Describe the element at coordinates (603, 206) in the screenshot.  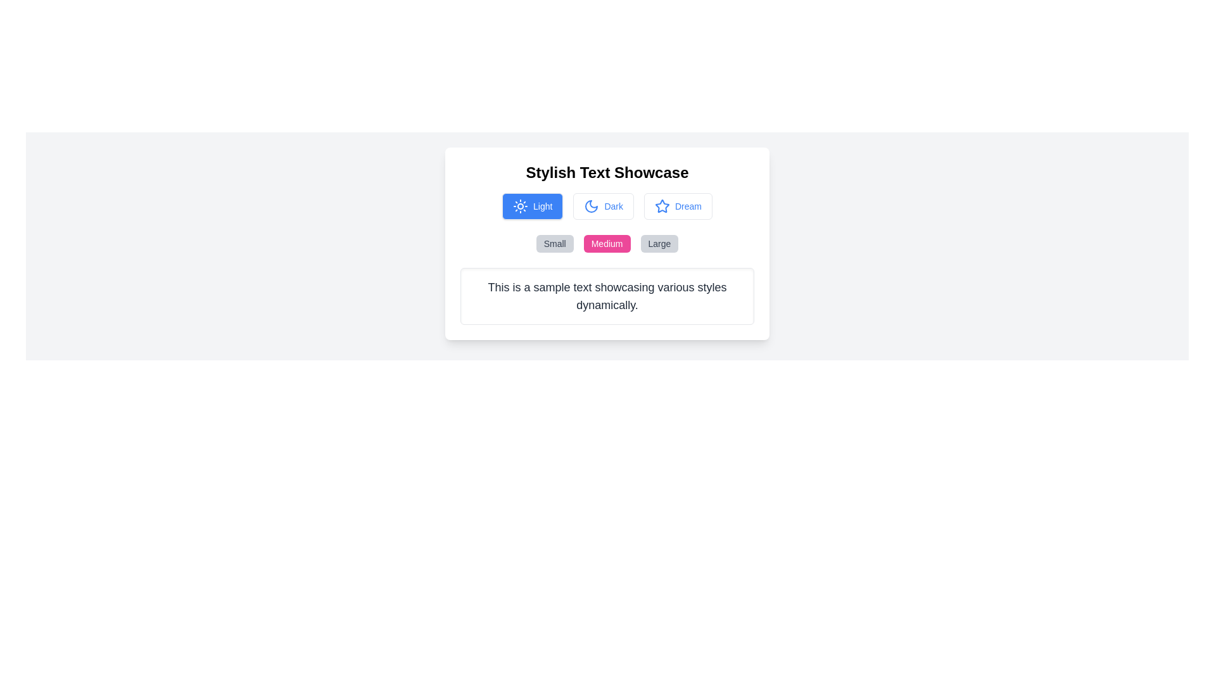
I see `keyboard navigation` at that location.